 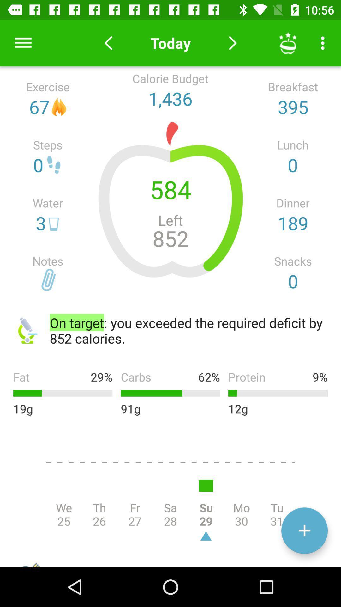 I want to click on arrow symbol to the left side of today, so click(x=108, y=43).